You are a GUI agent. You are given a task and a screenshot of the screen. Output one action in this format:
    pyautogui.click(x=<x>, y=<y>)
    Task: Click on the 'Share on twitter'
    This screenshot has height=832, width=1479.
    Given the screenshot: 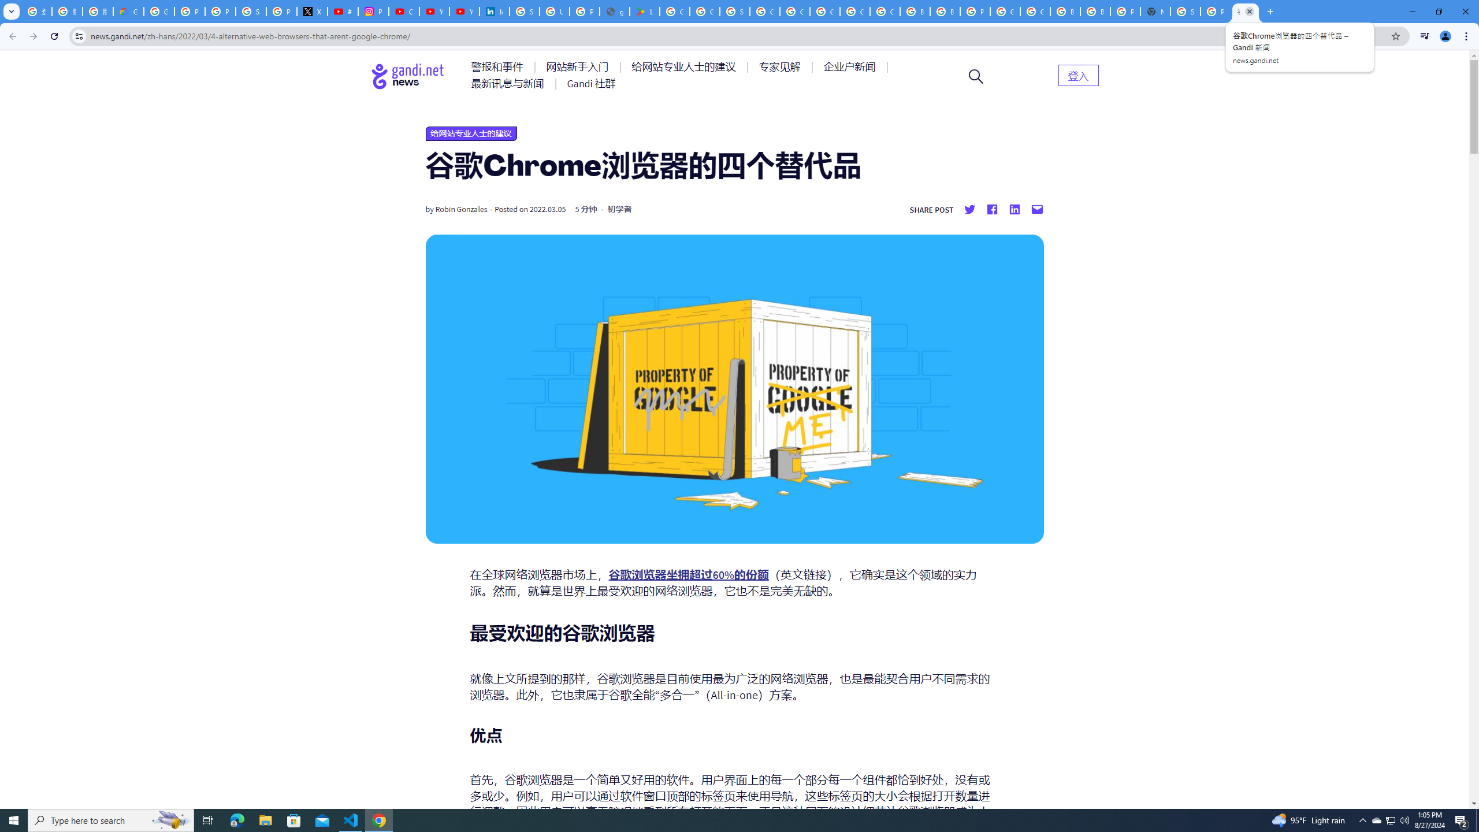 What is the action you would take?
    pyautogui.click(x=969, y=209)
    